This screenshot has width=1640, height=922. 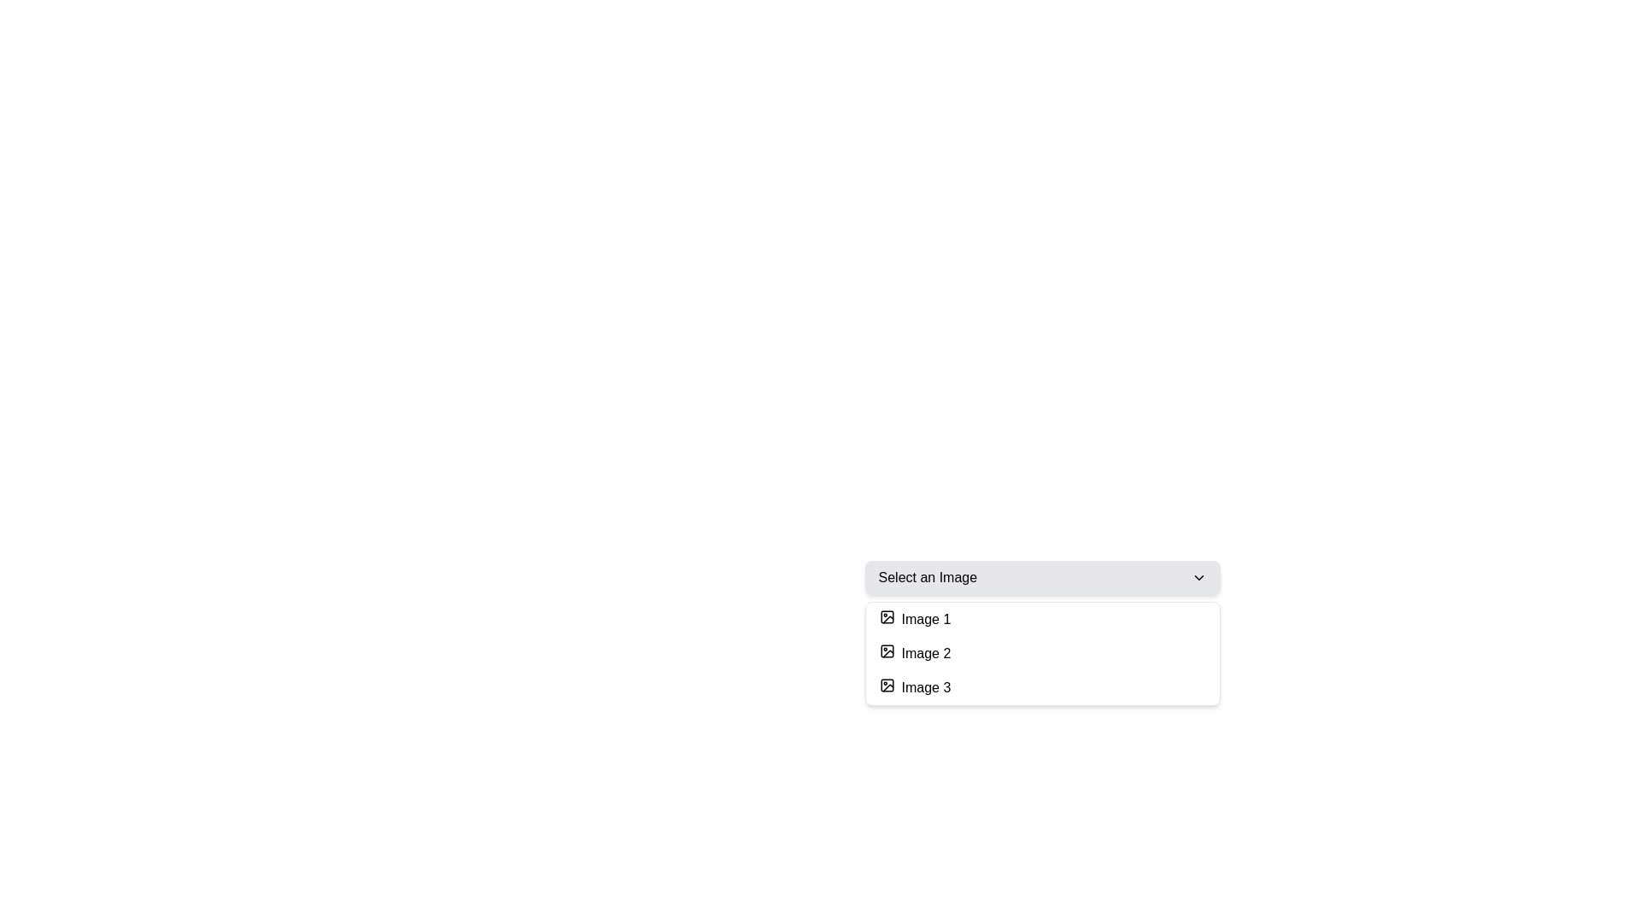 I want to click on the downward-pointing arrow icon located at the far-right end of the 'Select an Image' button, so click(x=1198, y=577).